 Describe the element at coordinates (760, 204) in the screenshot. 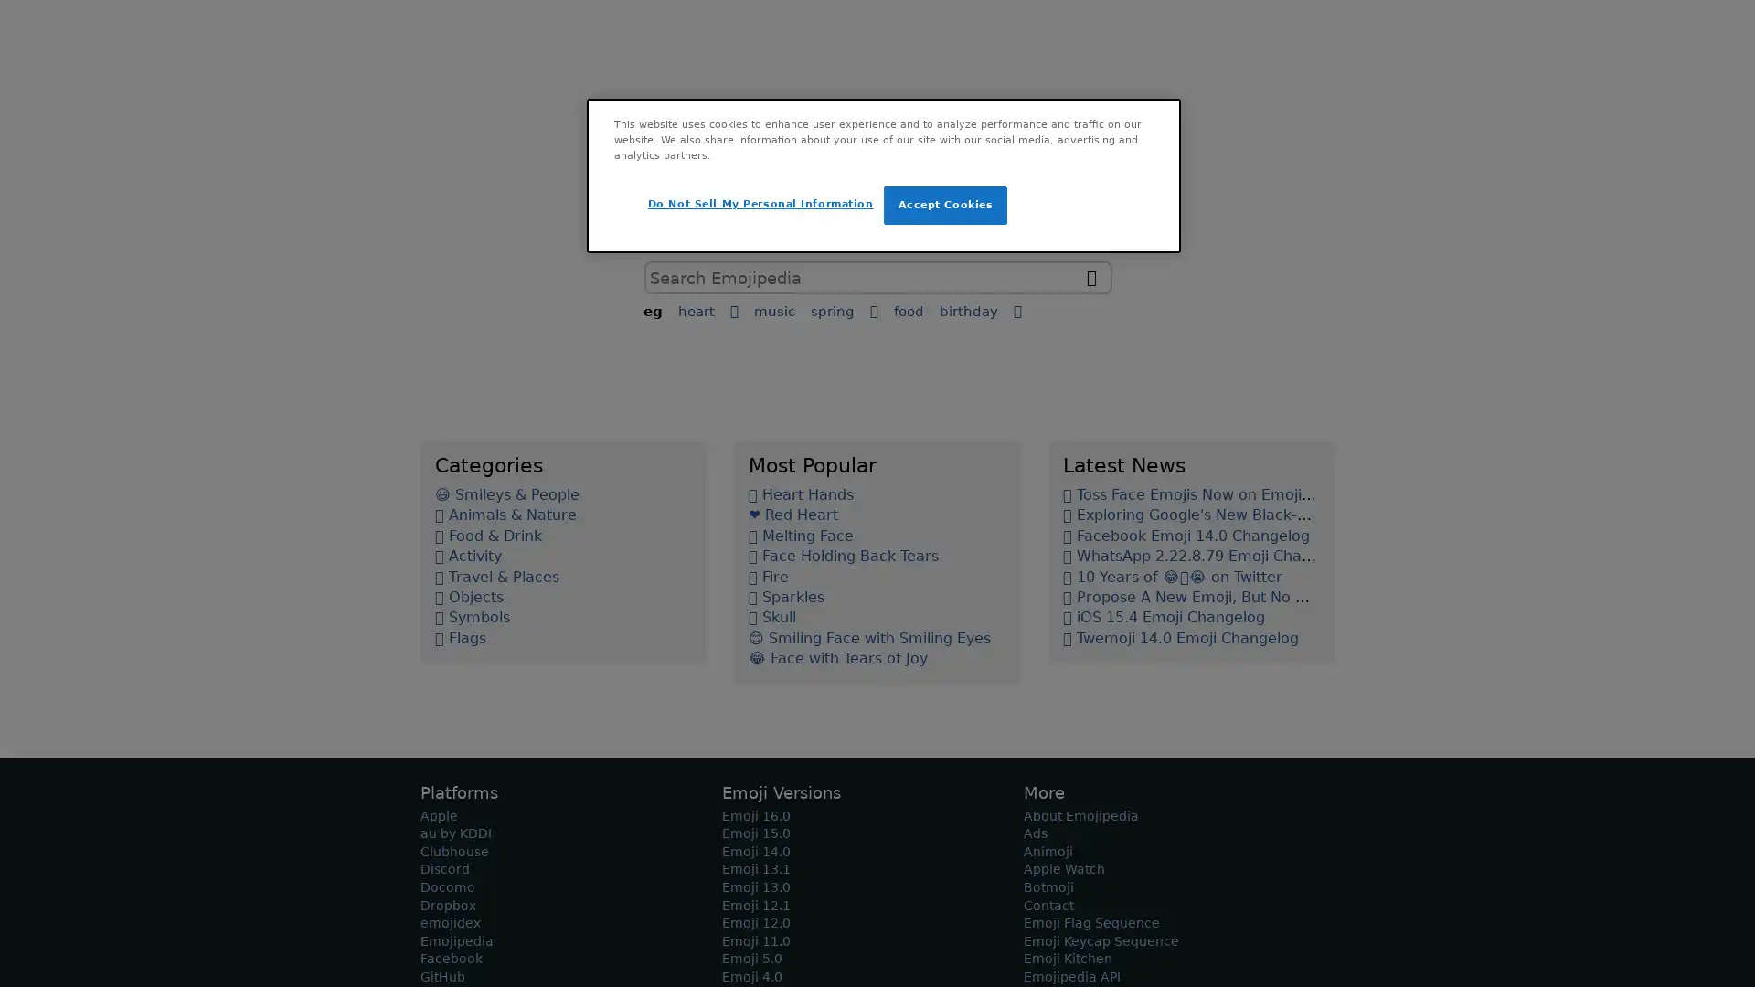

I see `Do Not Sell My Personal Information` at that location.